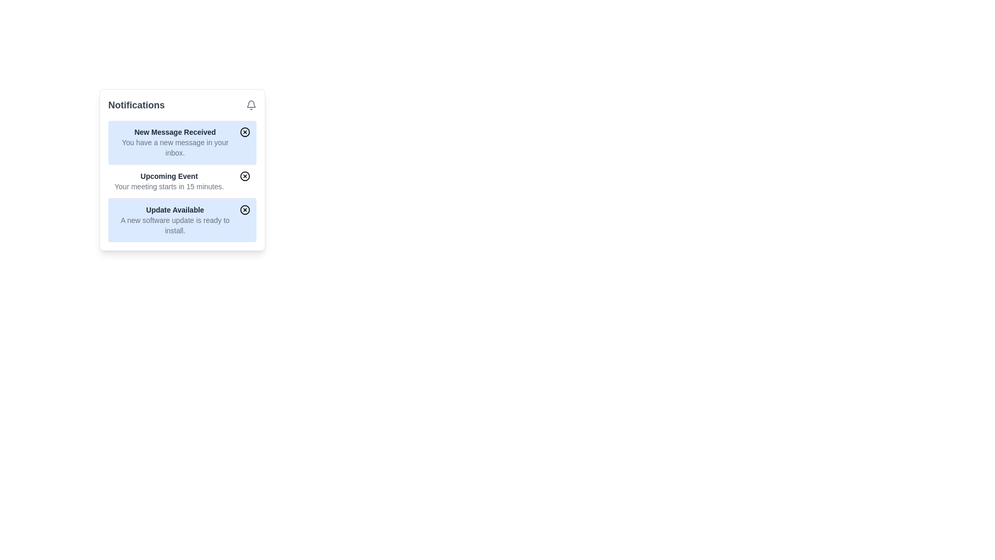 Image resolution: width=995 pixels, height=560 pixels. I want to click on text content of the informational text block titled 'New Message Received', which is located in the second section of the notifications list and is the first notification in the list, so click(175, 142).